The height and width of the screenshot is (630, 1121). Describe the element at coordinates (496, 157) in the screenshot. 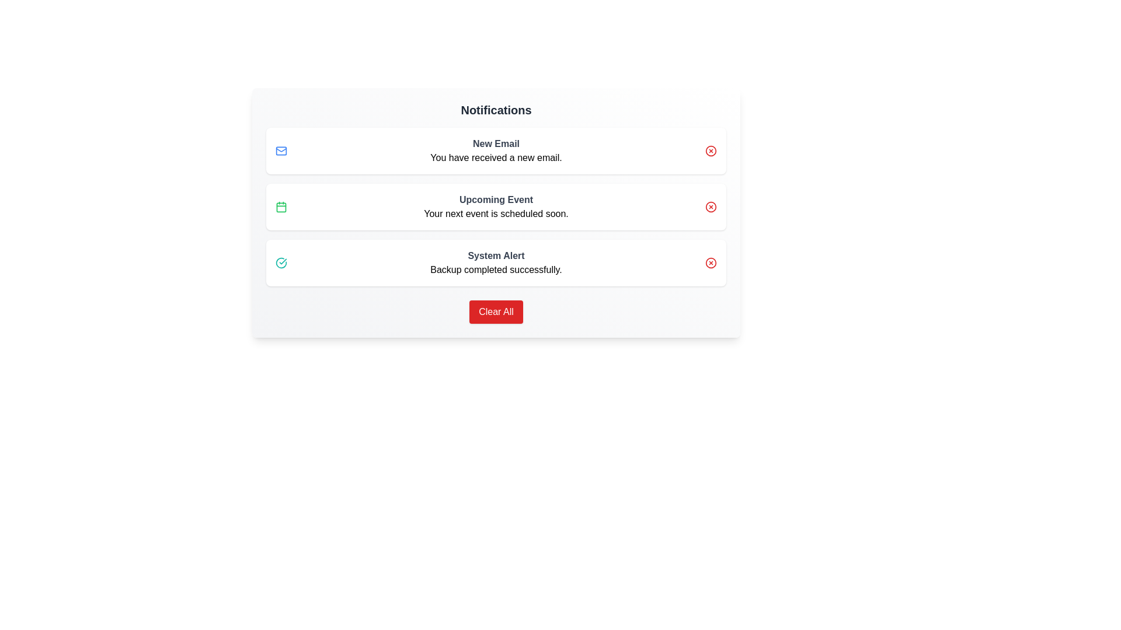

I see `additional information text about the email update located below the 'New Email' text in the first notification box` at that location.